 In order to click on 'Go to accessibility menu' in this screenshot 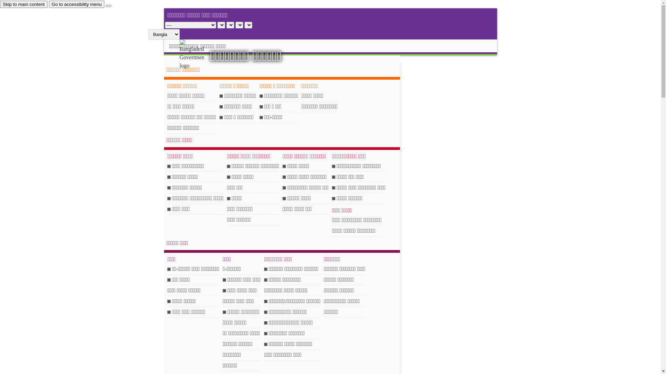, I will do `click(76, 4)`.